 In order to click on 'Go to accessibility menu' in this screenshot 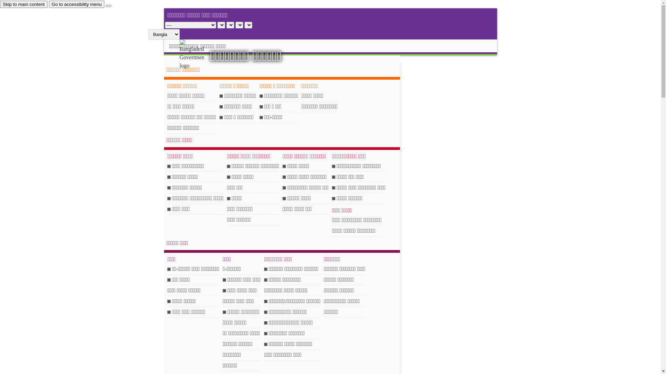, I will do `click(76, 4)`.